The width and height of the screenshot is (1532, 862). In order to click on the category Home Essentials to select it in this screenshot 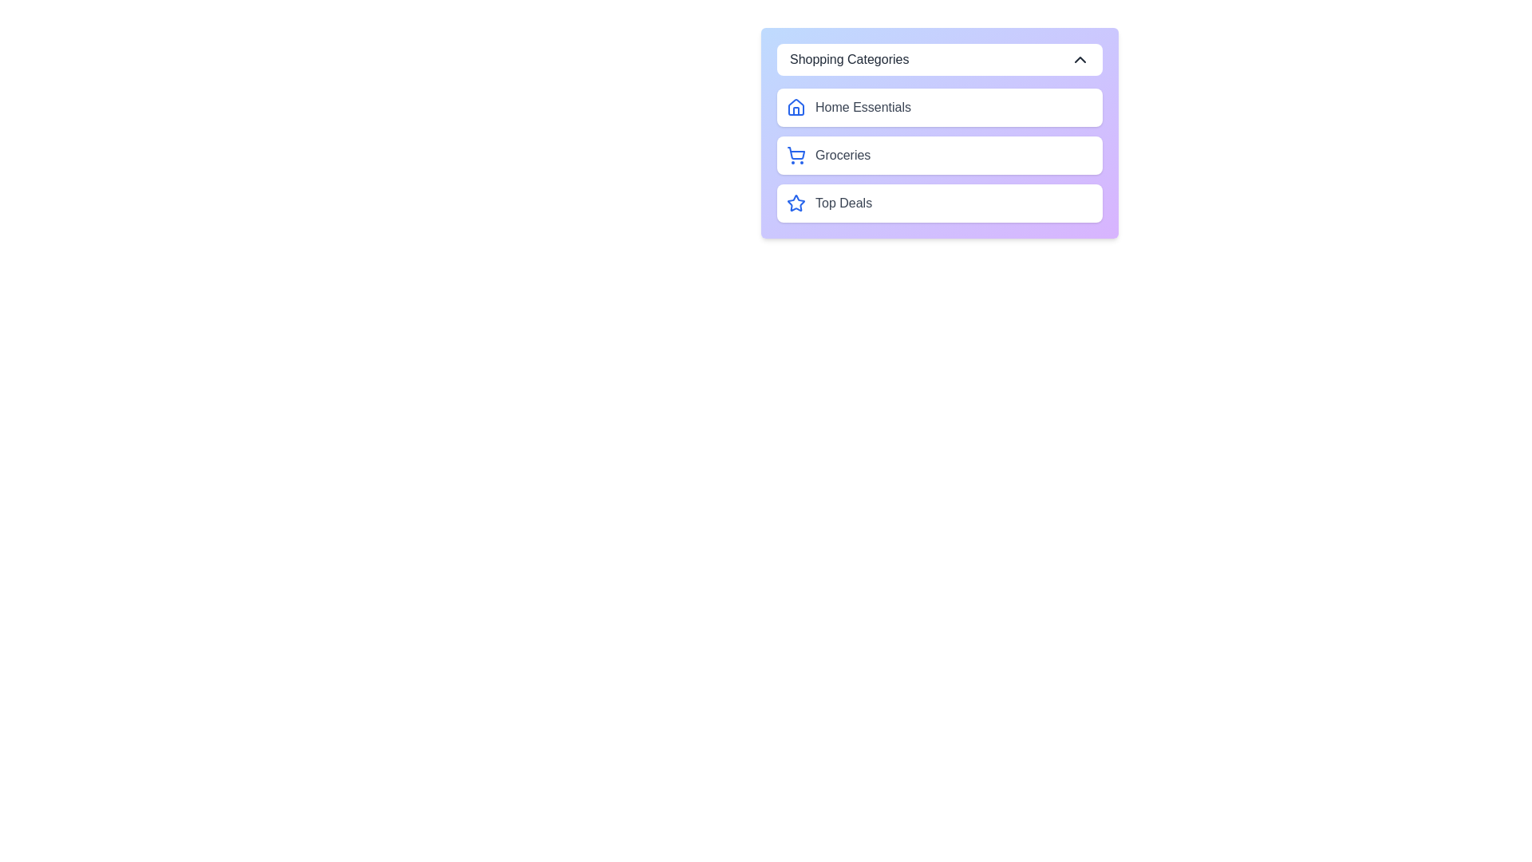, I will do `click(939, 108)`.